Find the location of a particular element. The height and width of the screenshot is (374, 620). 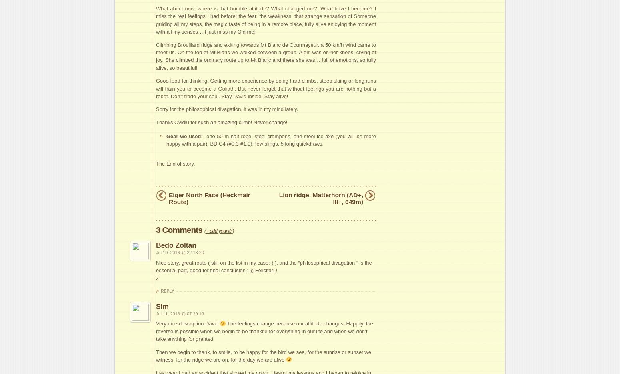

'Good food for thinking: Getting more experience by doing hard climbs, steep skiing or long runs will train you to become a Goliath. But never forget that without feelings you are nothing but a robot. Don’t trade your soul. Stay David inside! Stay alive!' is located at coordinates (265, 88).